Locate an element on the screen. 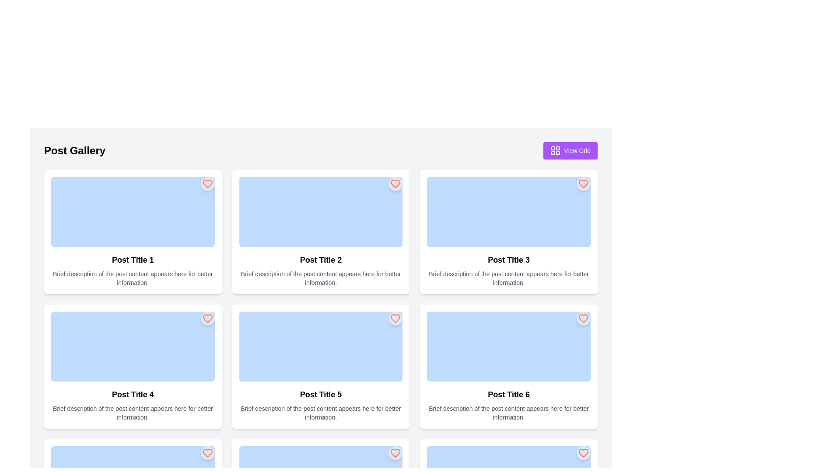 The width and height of the screenshot is (840, 472). the heart-shaped 'like' icon located in the top-right corner of the card labeled 'Post Title 4' is located at coordinates (207, 319).